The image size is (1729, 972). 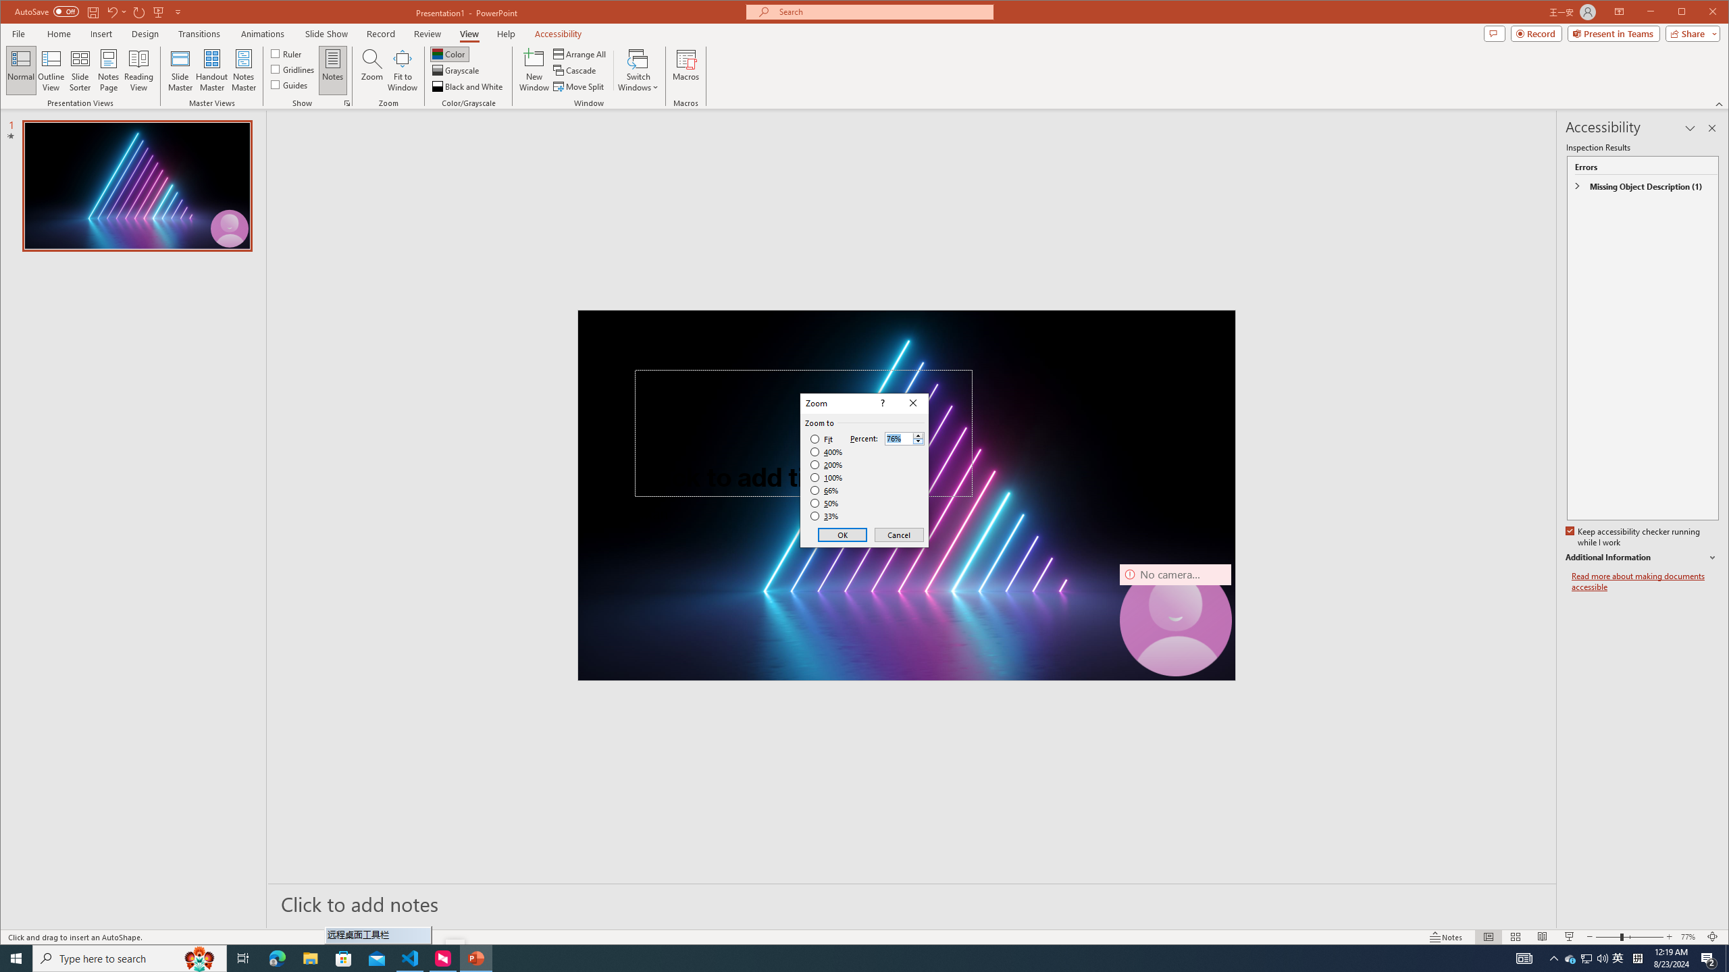 I want to click on 'Outline View', so click(x=50, y=70).